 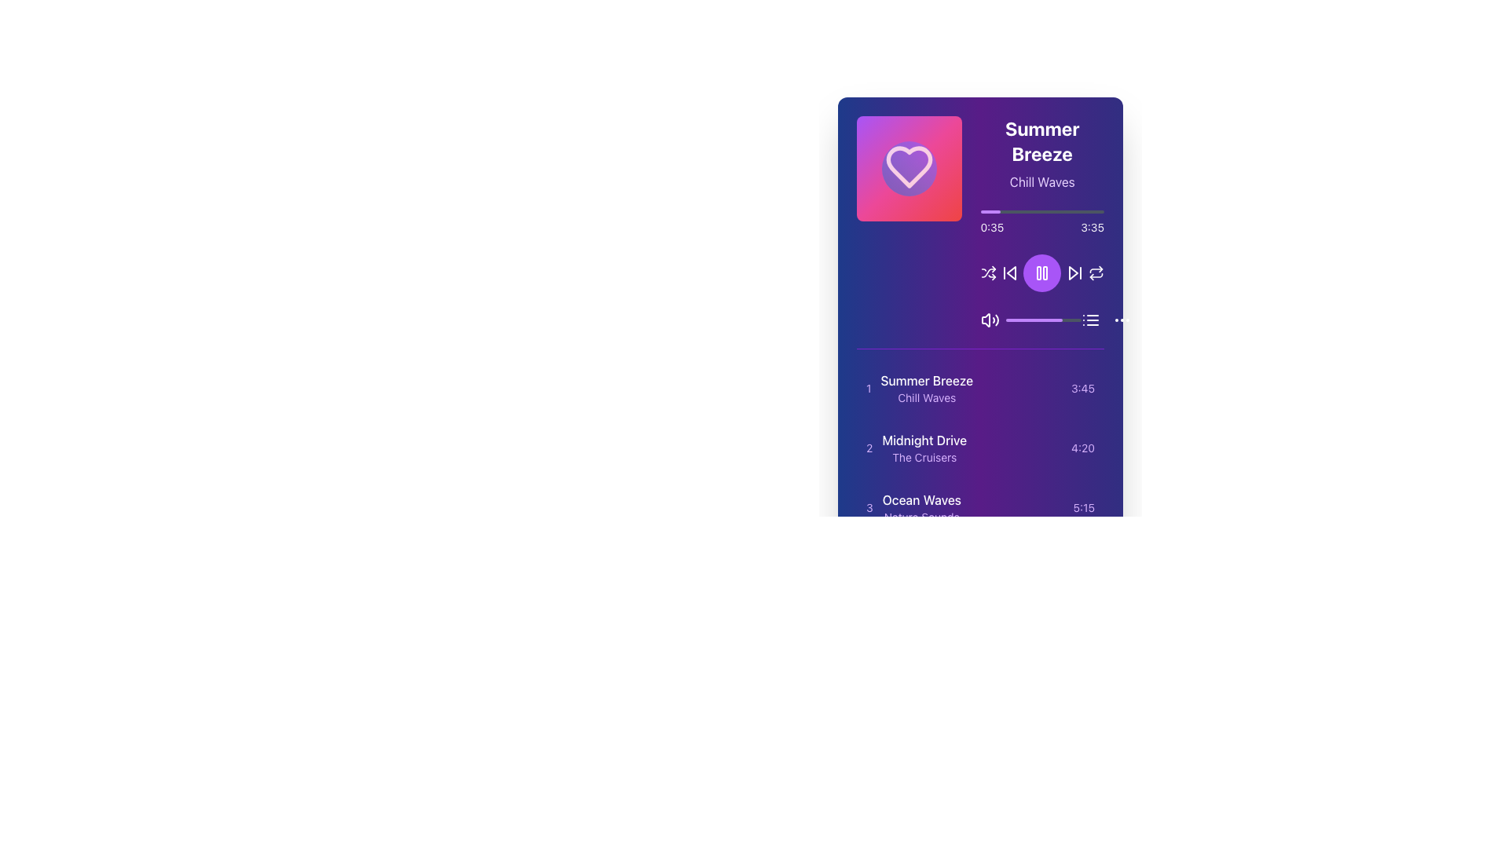 What do you see at coordinates (1092, 227) in the screenshot?
I see `the static text label displaying '3:35', which is styled in white and positioned at the upper-right corner of the interface, aligned horizontally with the time label '0:35'` at bounding box center [1092, 227].